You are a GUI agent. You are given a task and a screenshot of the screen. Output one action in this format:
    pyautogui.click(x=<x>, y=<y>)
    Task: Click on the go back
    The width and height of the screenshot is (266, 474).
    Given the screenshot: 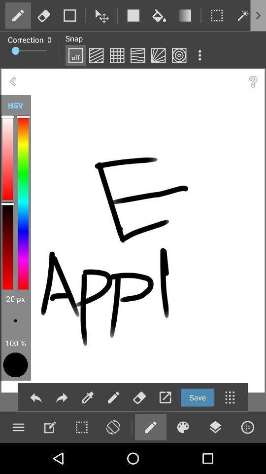 What is the action you would take?
    pyautogui.click(x=12, y=81)
    